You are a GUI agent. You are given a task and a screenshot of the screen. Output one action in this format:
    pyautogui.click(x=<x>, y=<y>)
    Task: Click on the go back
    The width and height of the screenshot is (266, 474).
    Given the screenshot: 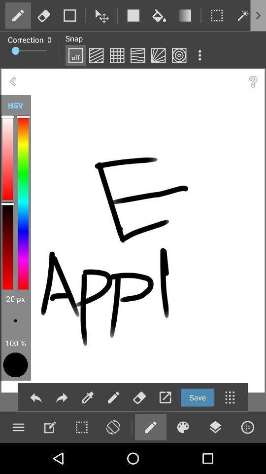 What is the action you would take?
    pyautogui.click(x=12, y=81)
    